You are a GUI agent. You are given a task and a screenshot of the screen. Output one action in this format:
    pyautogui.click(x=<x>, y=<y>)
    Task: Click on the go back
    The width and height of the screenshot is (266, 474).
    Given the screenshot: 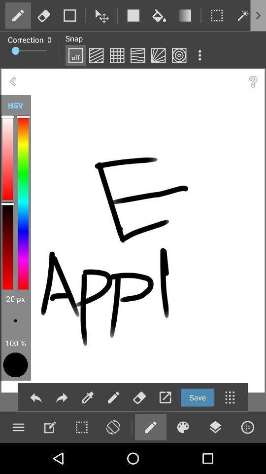 What is the action you would take?
    pyautogui.click(x=12, y=81)
    